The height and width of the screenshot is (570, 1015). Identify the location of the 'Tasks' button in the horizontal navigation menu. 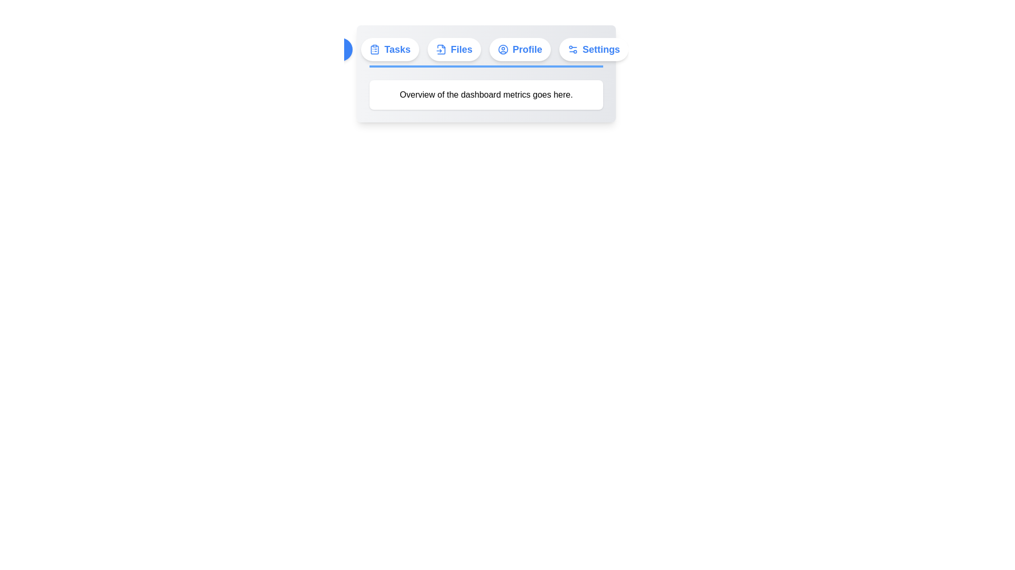
(390, 49).